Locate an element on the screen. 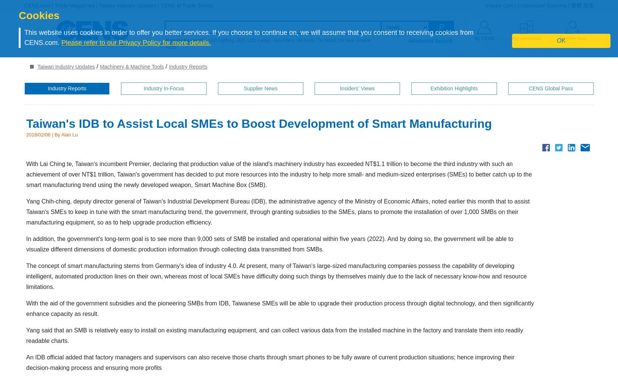  'Recomnanded' is located at coordinates (526, 39).